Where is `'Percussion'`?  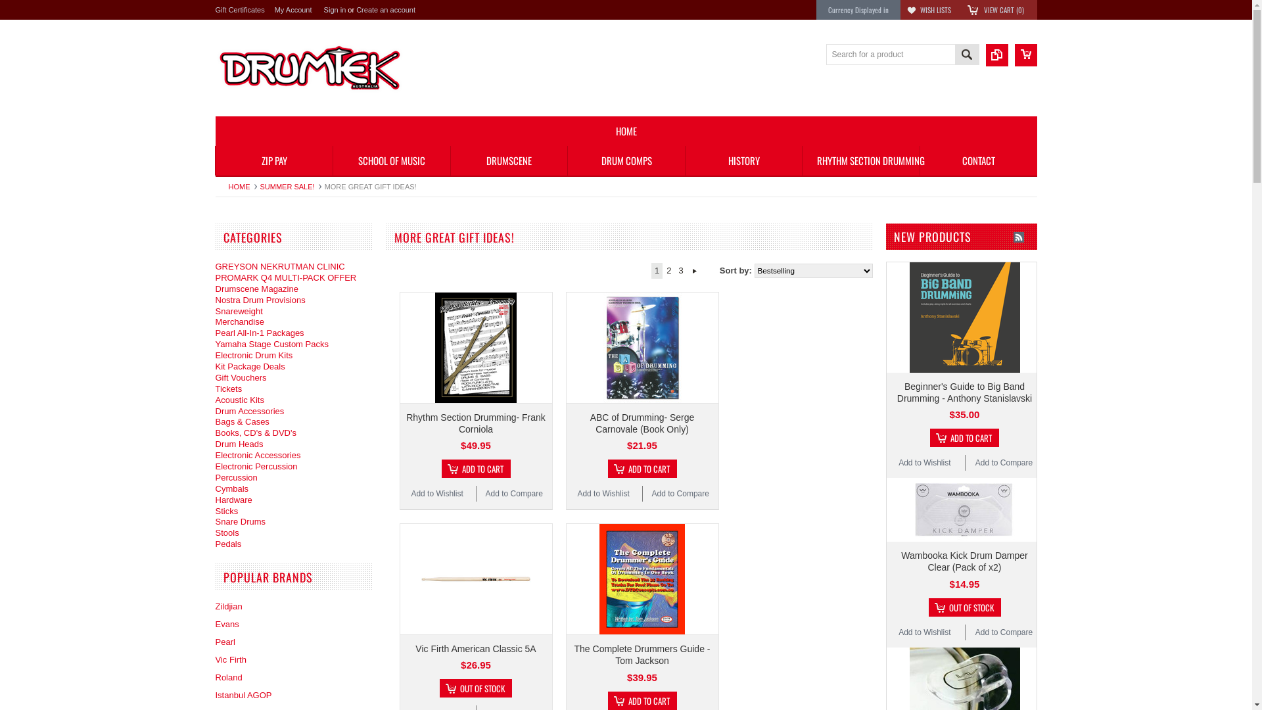
'Percussion' is located at coordinates (237, 477).